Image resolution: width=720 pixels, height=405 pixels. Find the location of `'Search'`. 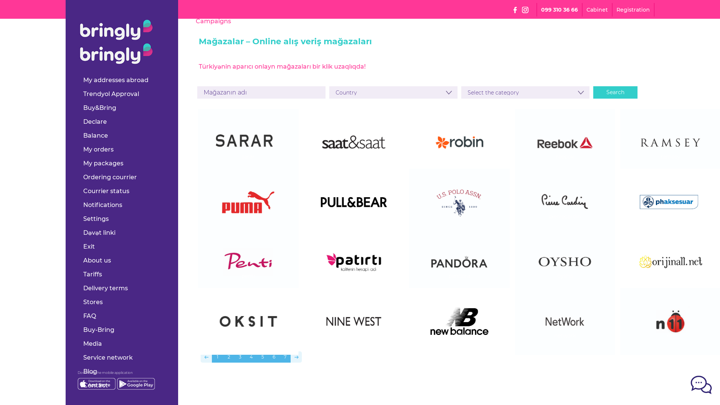

'Search' is located at coordinates (615, 92).